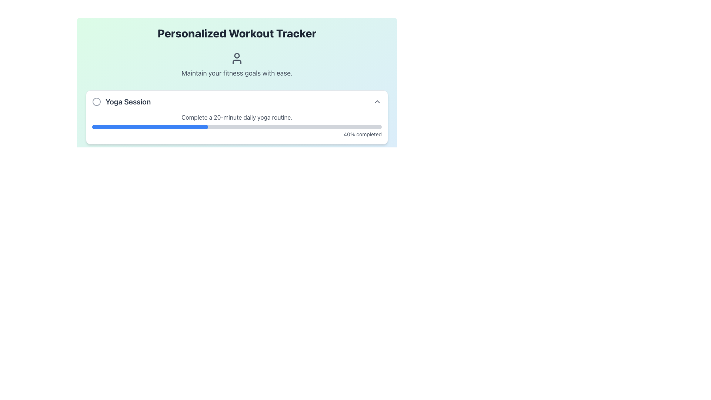  Describe the element at coordinates (236, 65) in the screenshot. I see `the supportive subtitle Static text label located below the title 'Personalized Workout Tracker' and above 'Yoga Session'` at that location.